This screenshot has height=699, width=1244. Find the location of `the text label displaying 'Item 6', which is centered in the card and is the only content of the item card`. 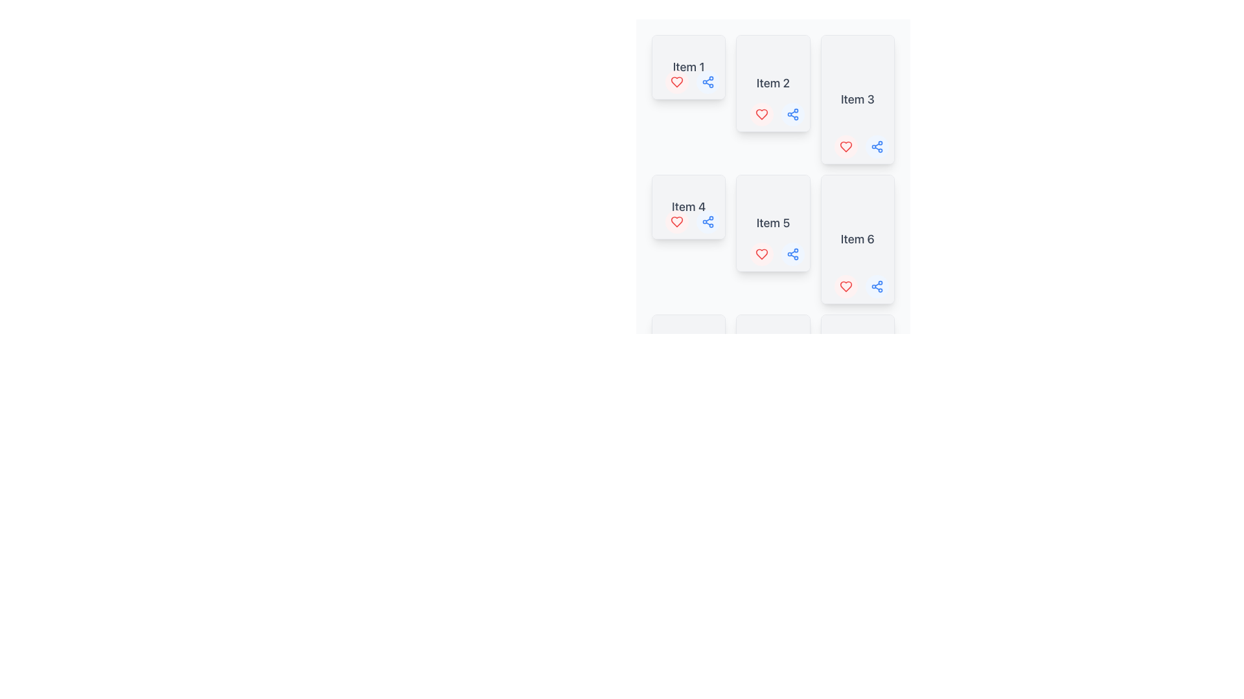

the text label displaying 'Item 6', which is centered in the card and is the only content of the item card is located at coordinates (857, 239).